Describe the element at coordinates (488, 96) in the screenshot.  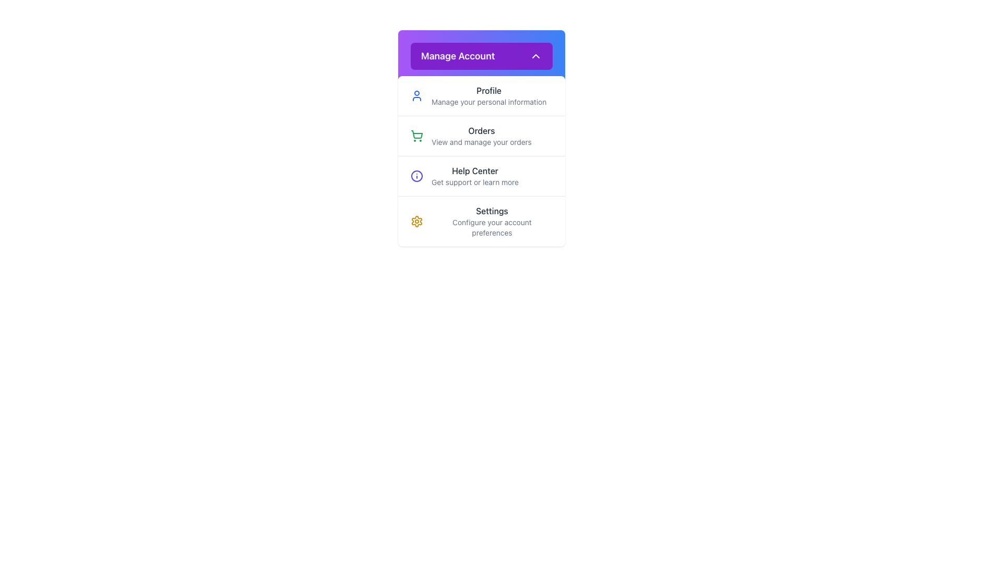
I see `the first menu item in the 'Manage Account' section` at that location.